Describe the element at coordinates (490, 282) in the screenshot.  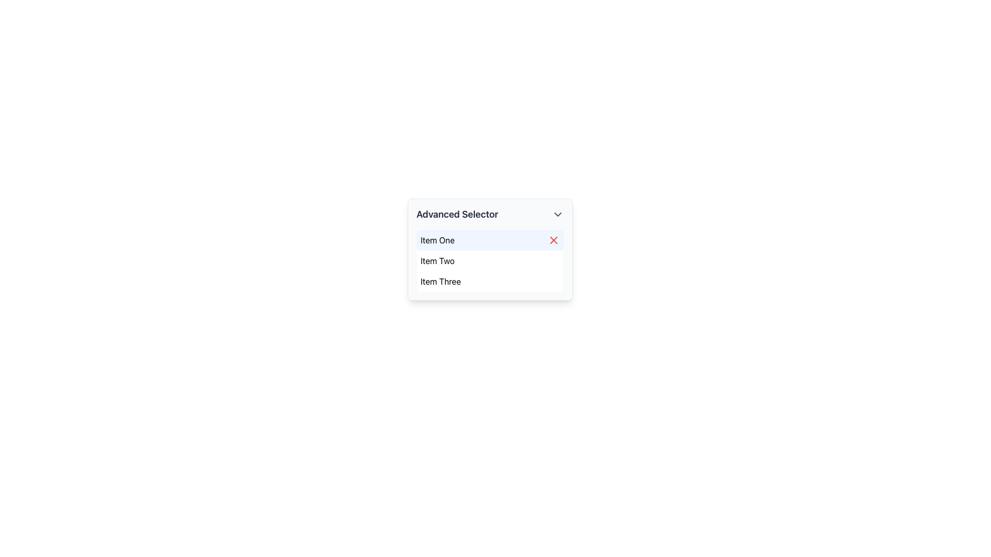
I see `the third selectable option in the list, labeled 'Item Three', to visualize its hover effects` at that location.